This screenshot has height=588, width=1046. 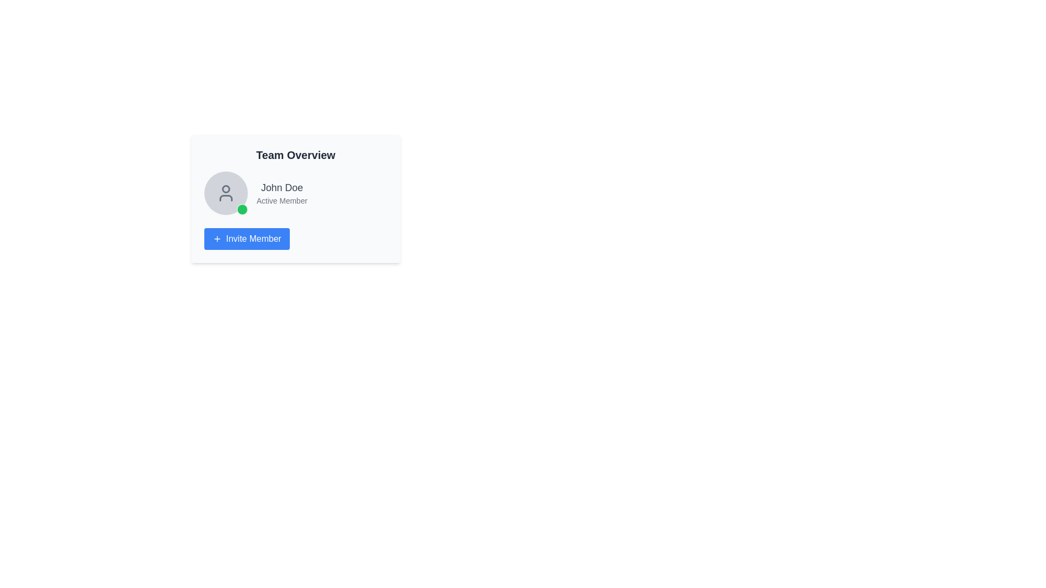 What do you see at coordinates (295, 192) in the screenshot?
I see `the Profile Information Block which displays user details such as 'John Doe' and 'Active Member', located centrally below the 'Team Overview' heading` at bounding box center [295, 192].